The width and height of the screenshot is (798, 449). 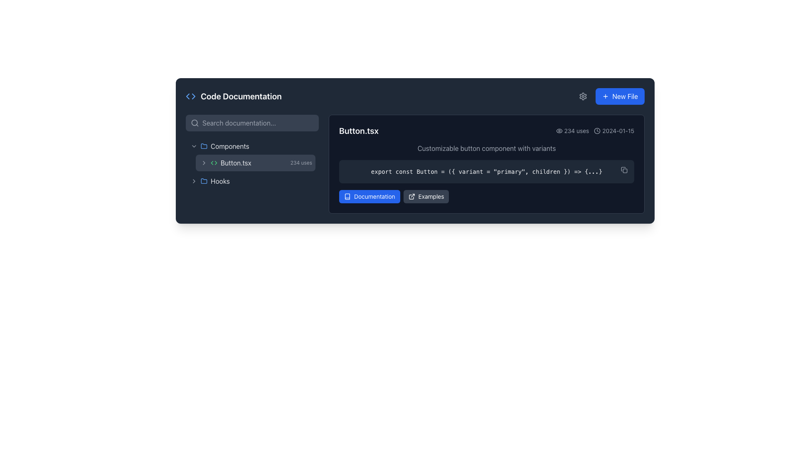 What do you see at coordinates (193, 180) in the screenshot?
I see `the chevron icon` at bounding box center [193, 180].